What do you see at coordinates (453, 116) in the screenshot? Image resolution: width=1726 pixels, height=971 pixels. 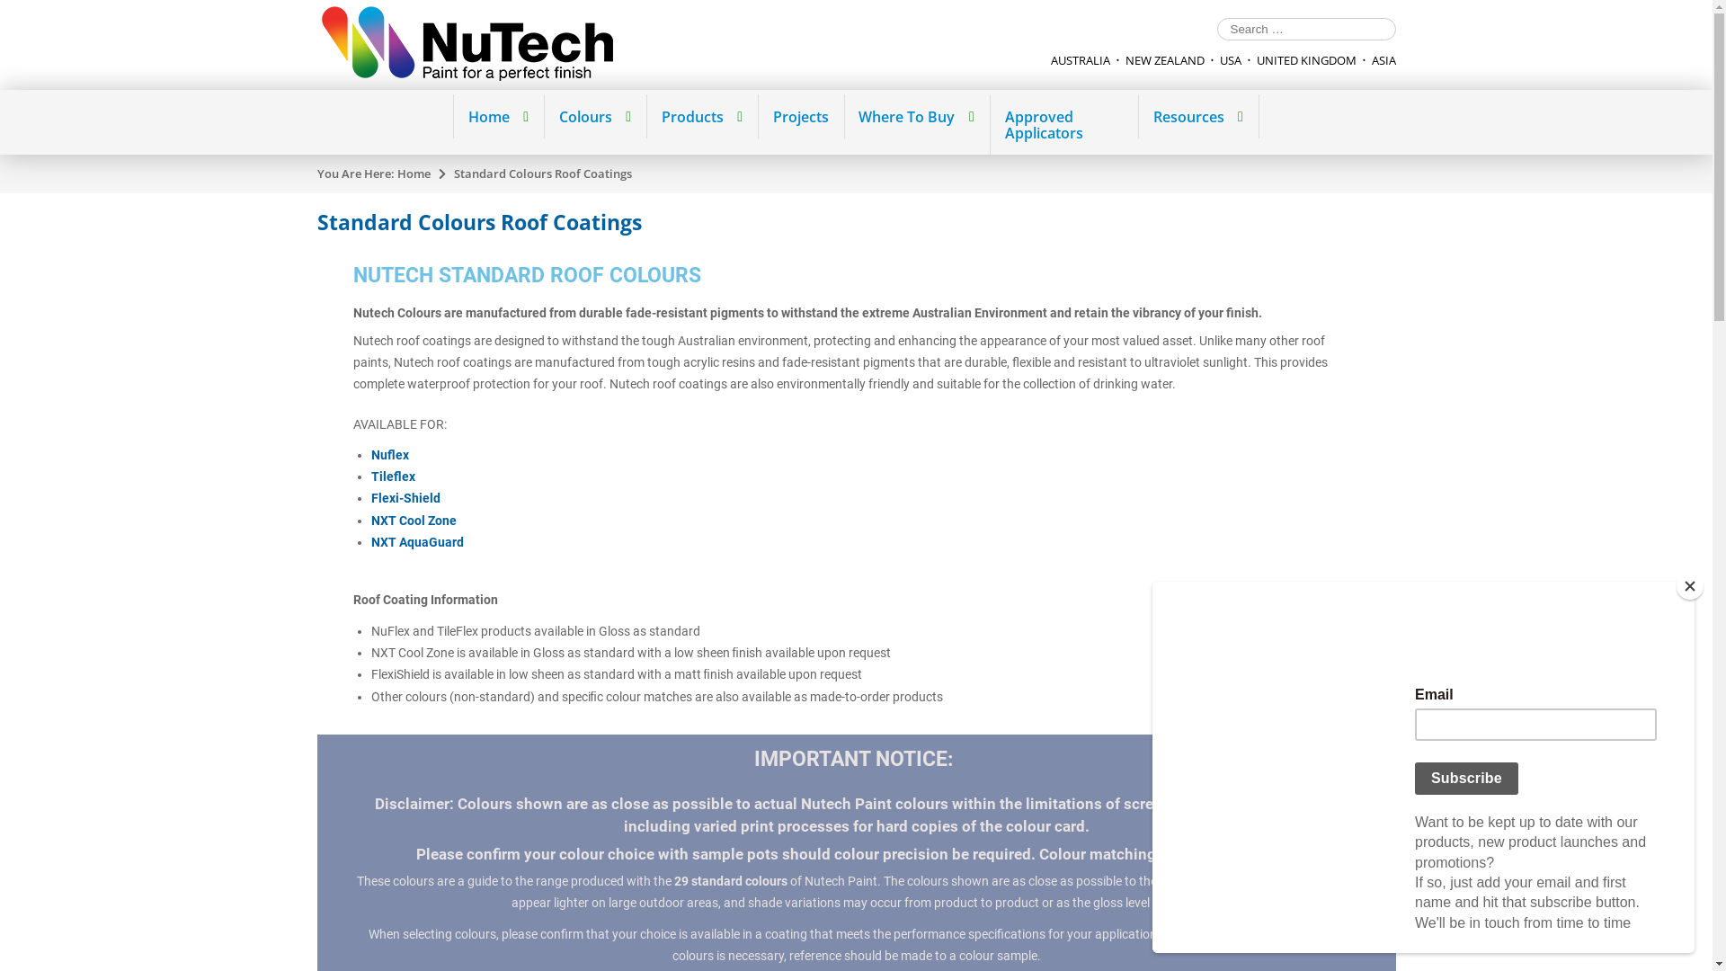 I see `'Home'` at bounding box center [453, 116].